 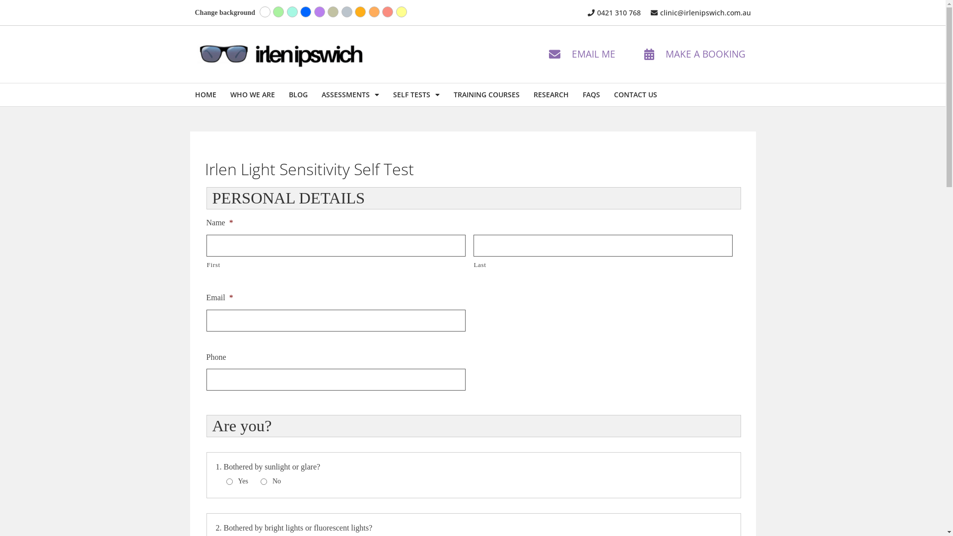 What do you see at coordinates (416, 95) in the screenshot?
I see `'SELF TESTS'` at bounding box center [416, 95].